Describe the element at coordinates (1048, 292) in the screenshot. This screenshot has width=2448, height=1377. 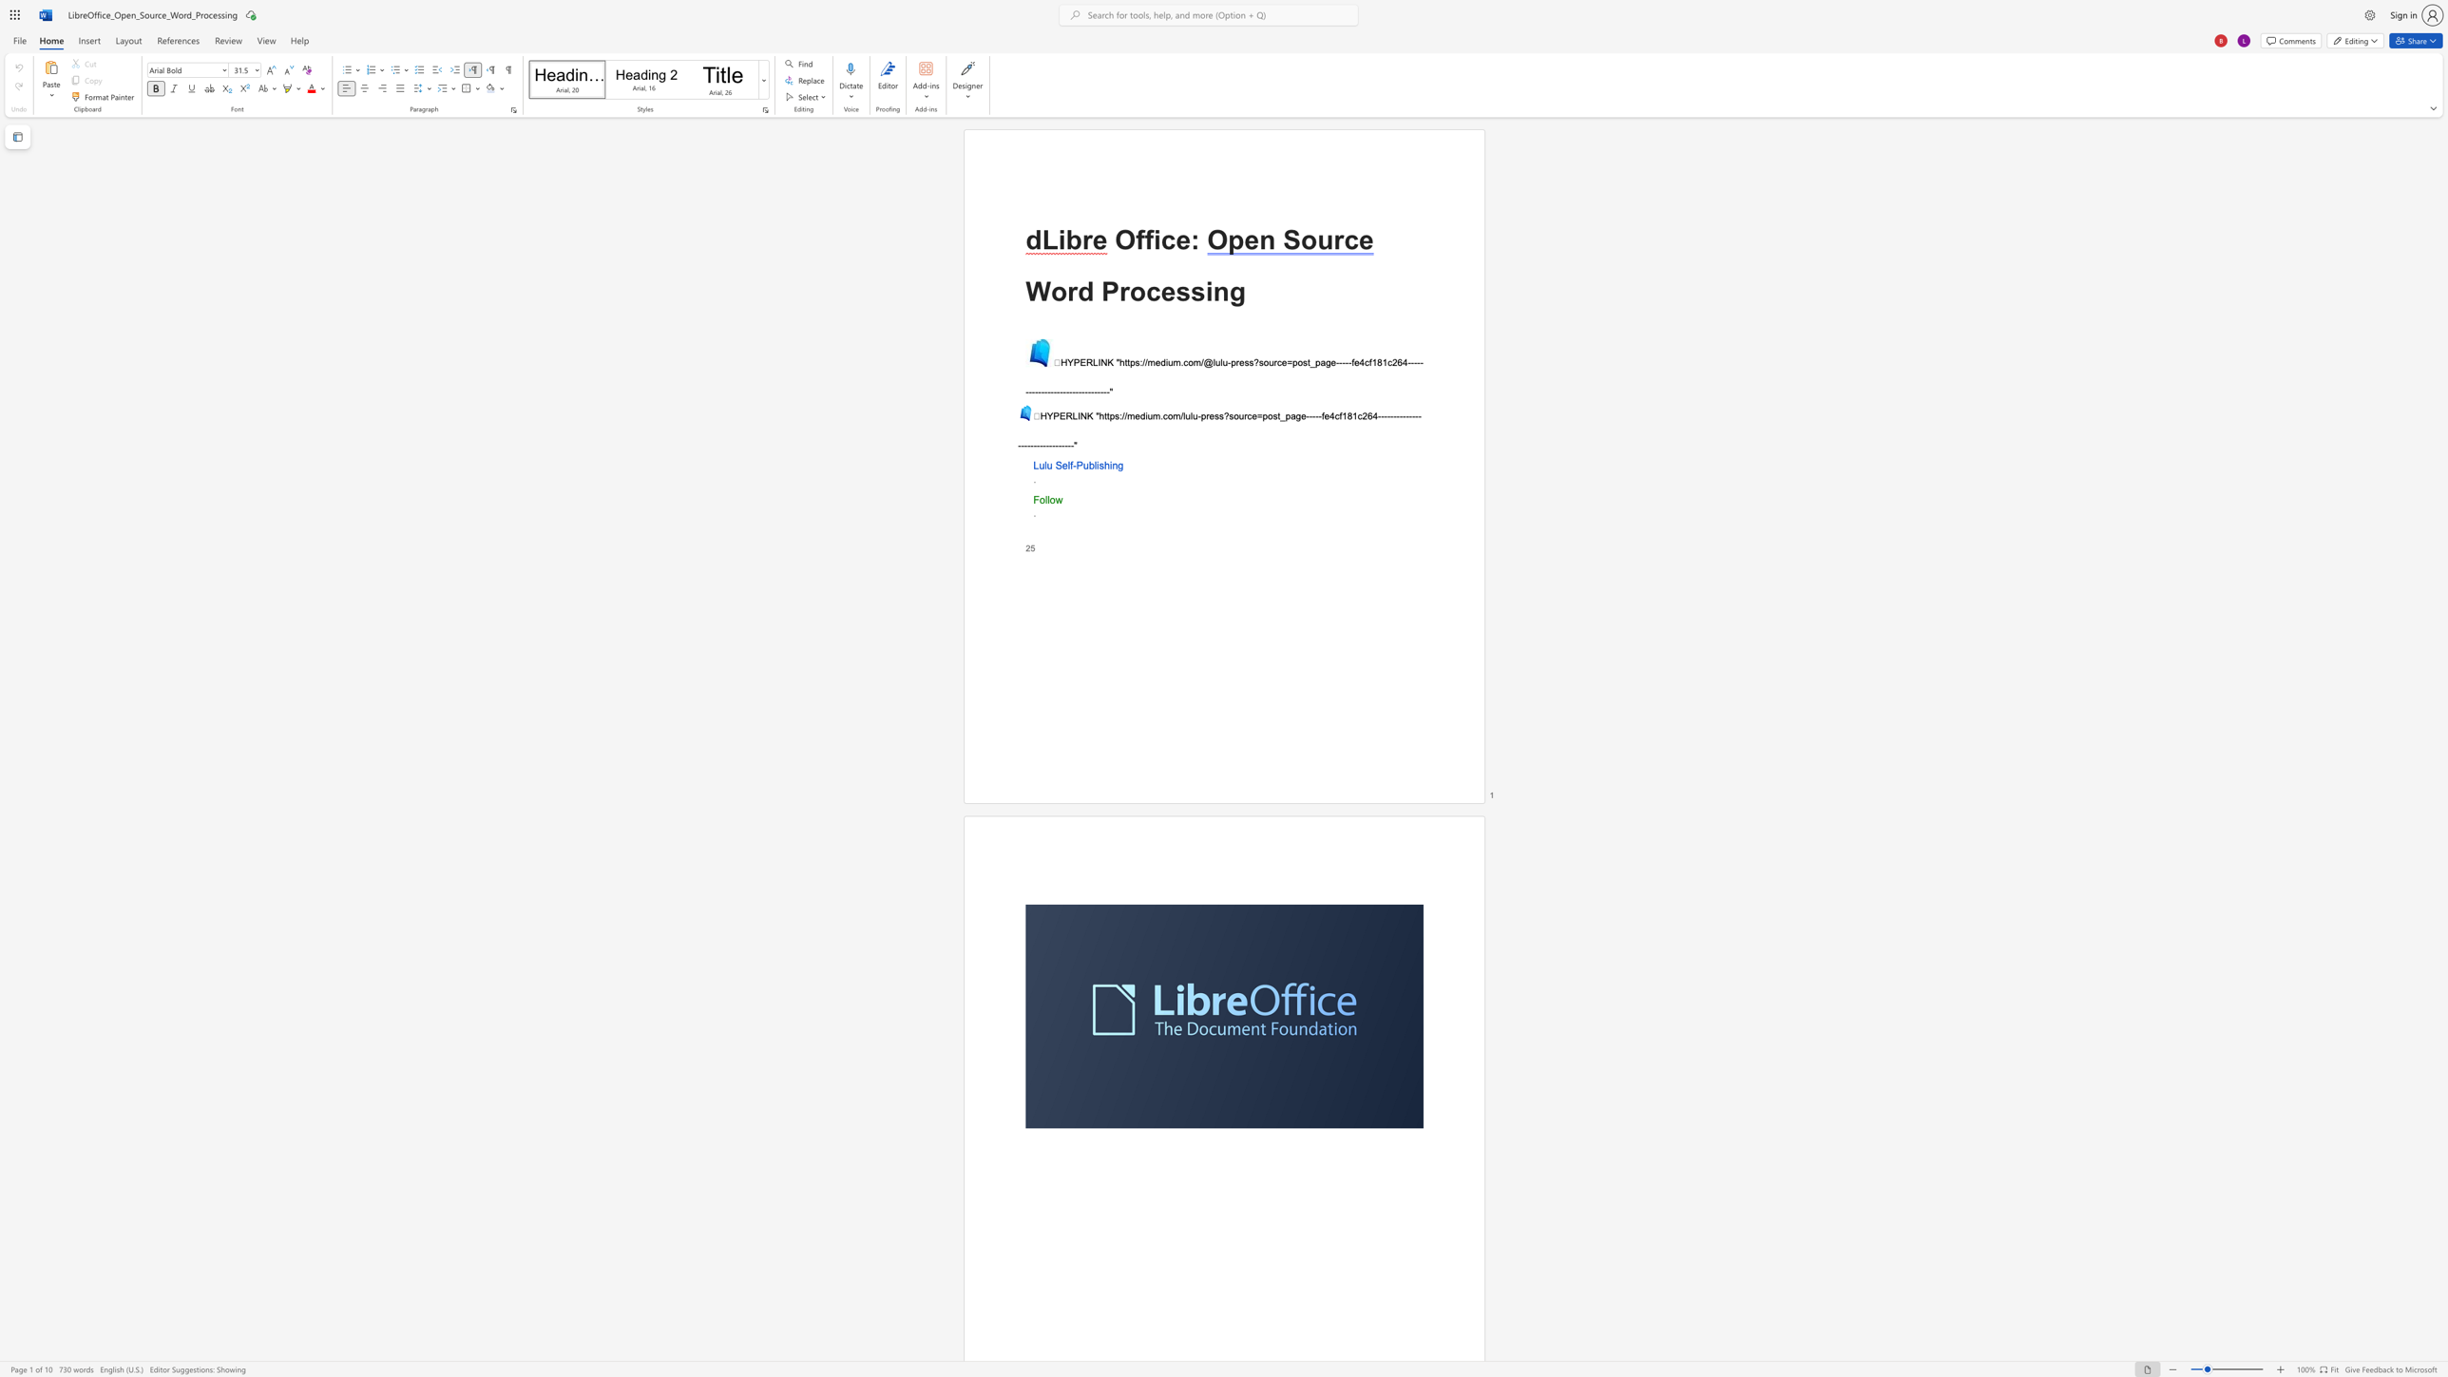
I see `the space between the continuous character "W" and "o" in the text` at that location.